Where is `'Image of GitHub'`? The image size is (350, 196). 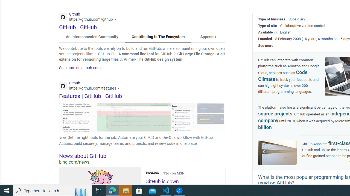
'Image of GitHub' is located at coordinates (278, 153).